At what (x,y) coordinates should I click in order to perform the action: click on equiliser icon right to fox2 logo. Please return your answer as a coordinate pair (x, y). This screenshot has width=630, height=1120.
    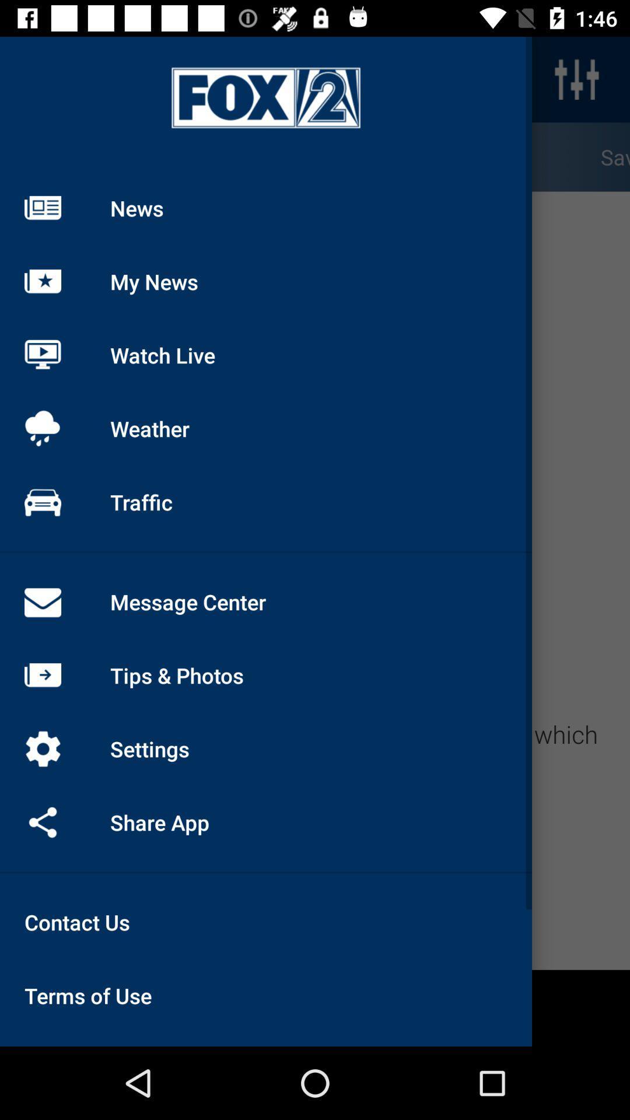
    Looking at the image, I should click on (576, 79).